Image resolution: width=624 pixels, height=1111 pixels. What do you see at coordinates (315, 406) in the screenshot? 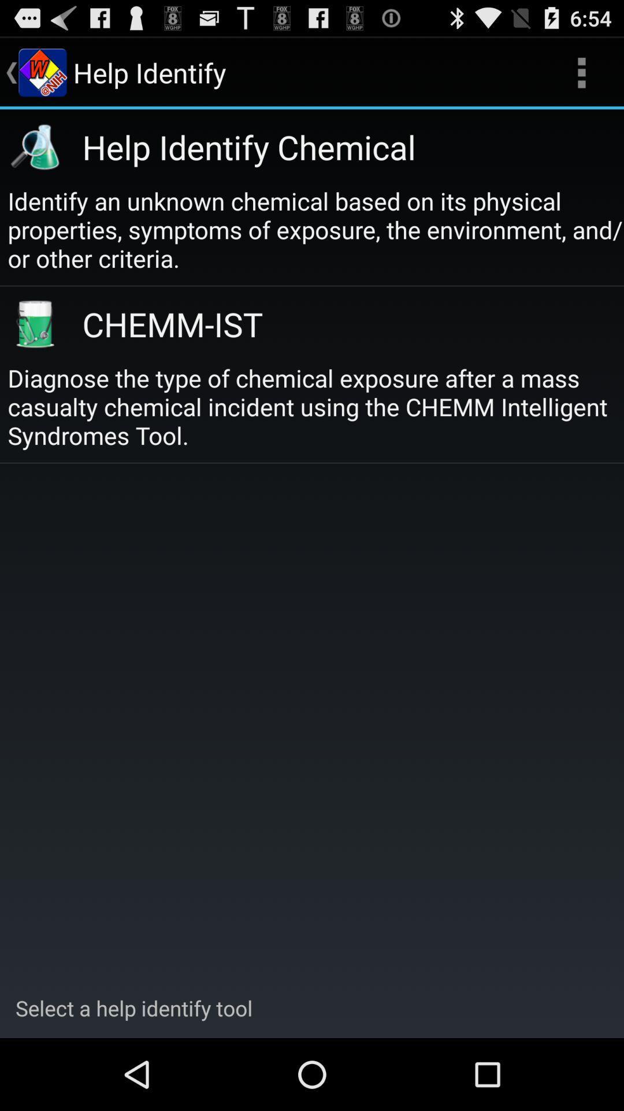
I see `the diagnose the type app` at bounding box center [315, 406].